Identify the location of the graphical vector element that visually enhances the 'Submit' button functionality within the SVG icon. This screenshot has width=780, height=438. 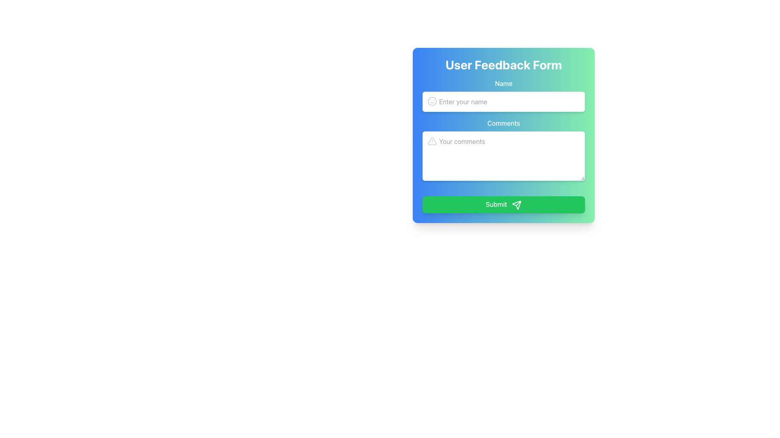
(518, 203).